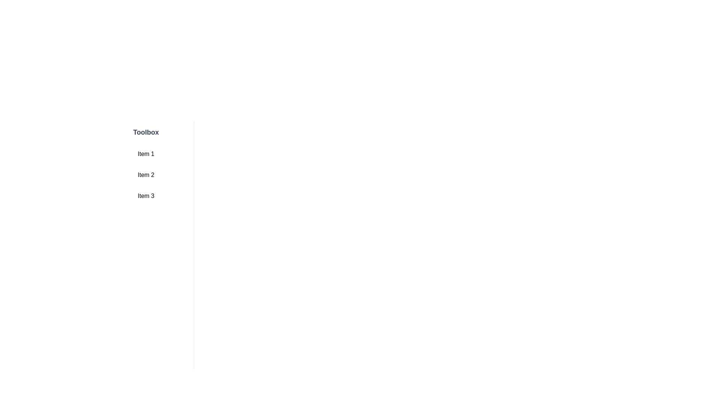  I want to click on text displayed in the first item of the vertical list labeled 'Item 1', which is styled in black text on a white background, so click(146, 154).